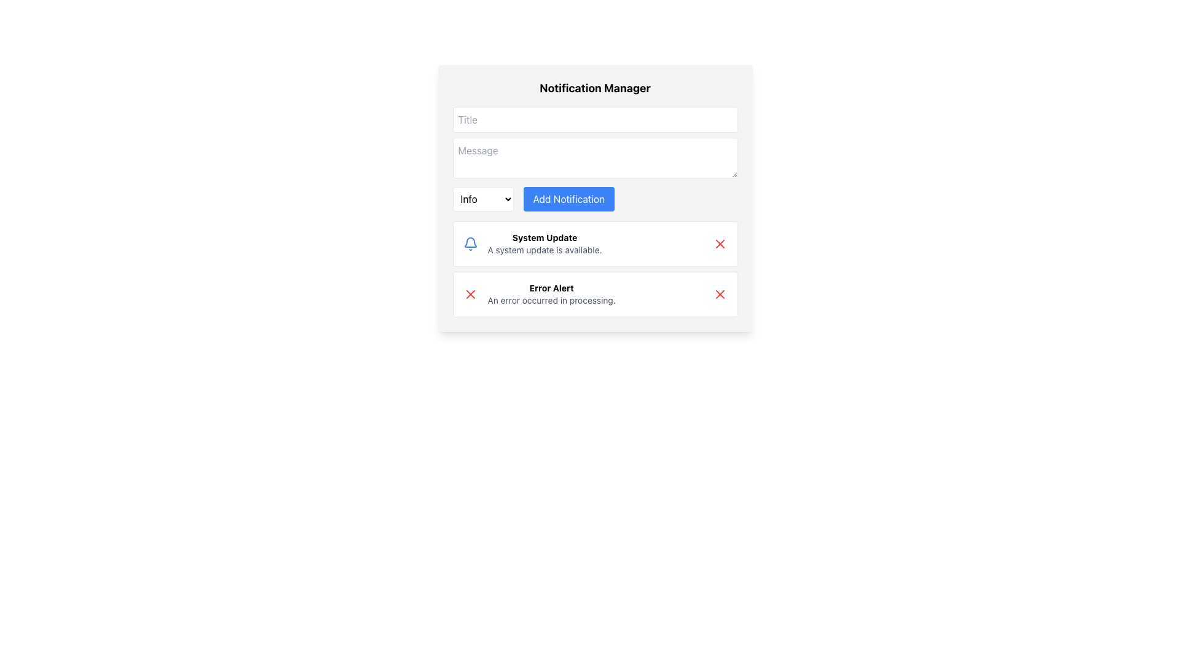 This screenshot has height=664, width=1180. Describe the element at coordinates (551, 301) in the screenshot. I see `the detailed description text of the 'Error Alert' notification located in the 'Notification Manager' panel, which is positioned directly below the 'Error Alert' title` at that location.